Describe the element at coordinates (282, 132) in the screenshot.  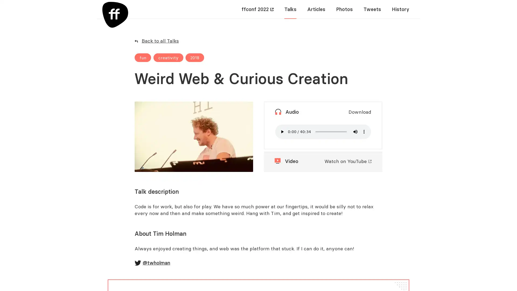
I see `play` at that location.